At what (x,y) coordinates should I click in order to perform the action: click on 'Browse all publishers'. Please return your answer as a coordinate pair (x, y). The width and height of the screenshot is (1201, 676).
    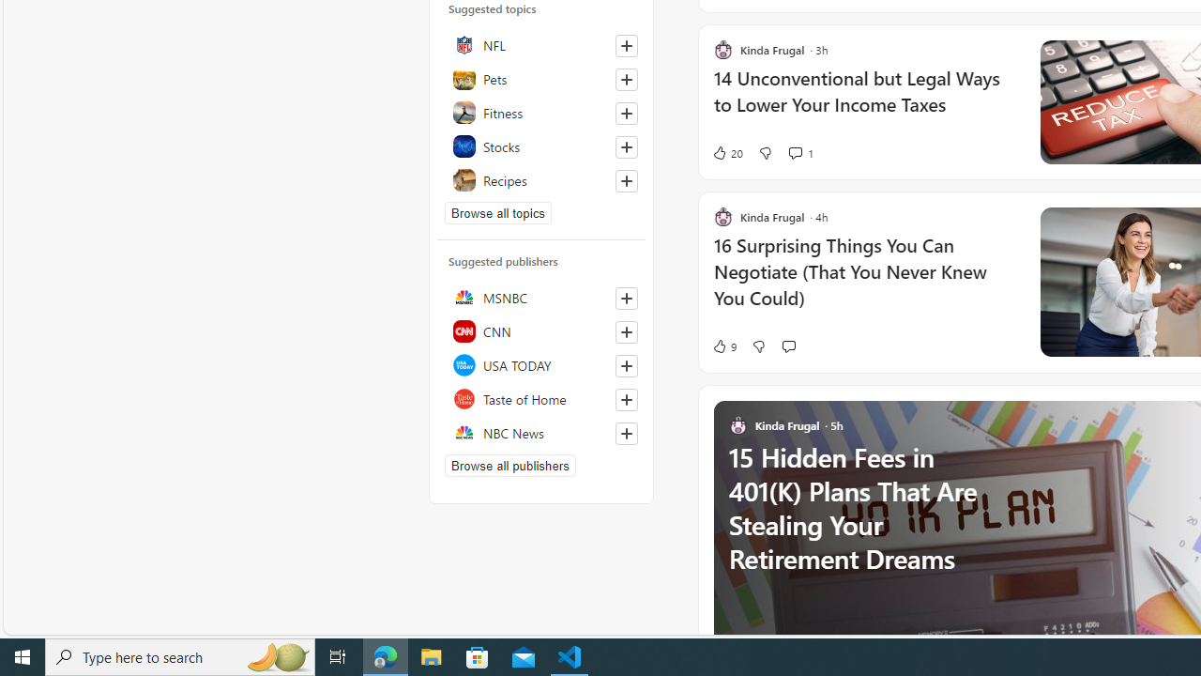
    Looking at the image, I should click on (510, 465).